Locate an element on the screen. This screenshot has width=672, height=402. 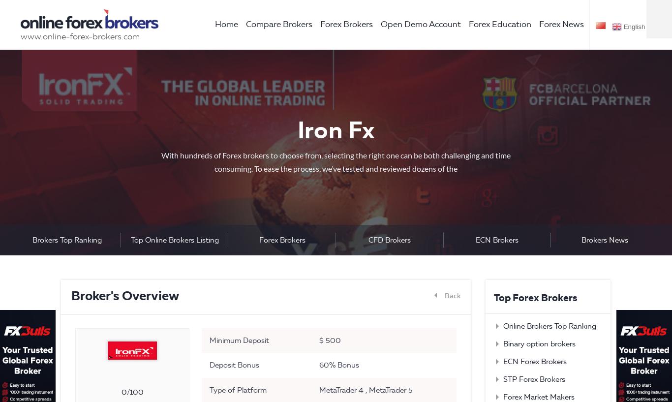
'Online Brokers Top Ranking' is located at coordinates (503, 325).